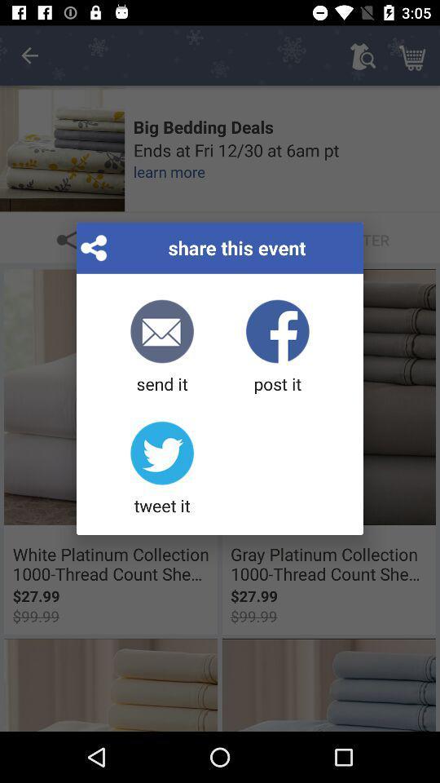 The image size is (440, 783). What do you see at coordinates (276, 347) in the screenshot?
I see `the post it item` at bounding box center [276, 347].